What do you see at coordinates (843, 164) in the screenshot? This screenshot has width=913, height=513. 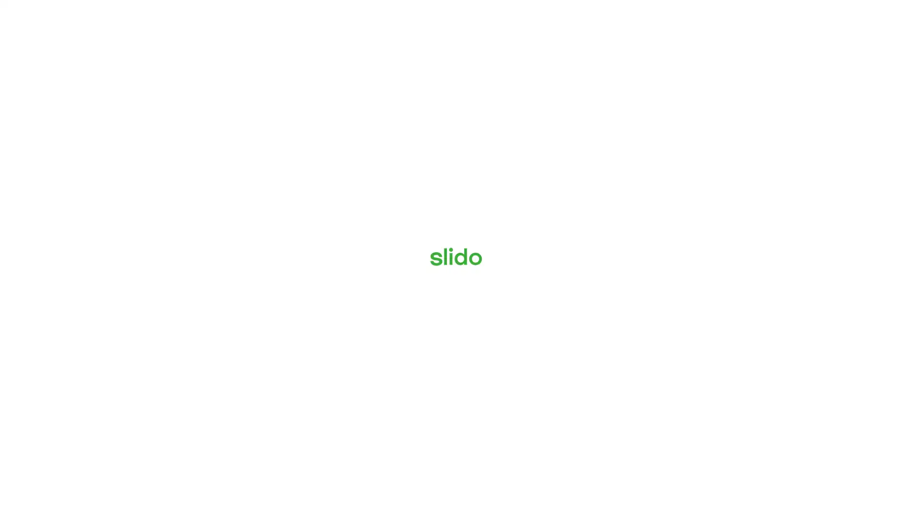 I see `29 votes, Upvote question` at bounding box center [843, 164].